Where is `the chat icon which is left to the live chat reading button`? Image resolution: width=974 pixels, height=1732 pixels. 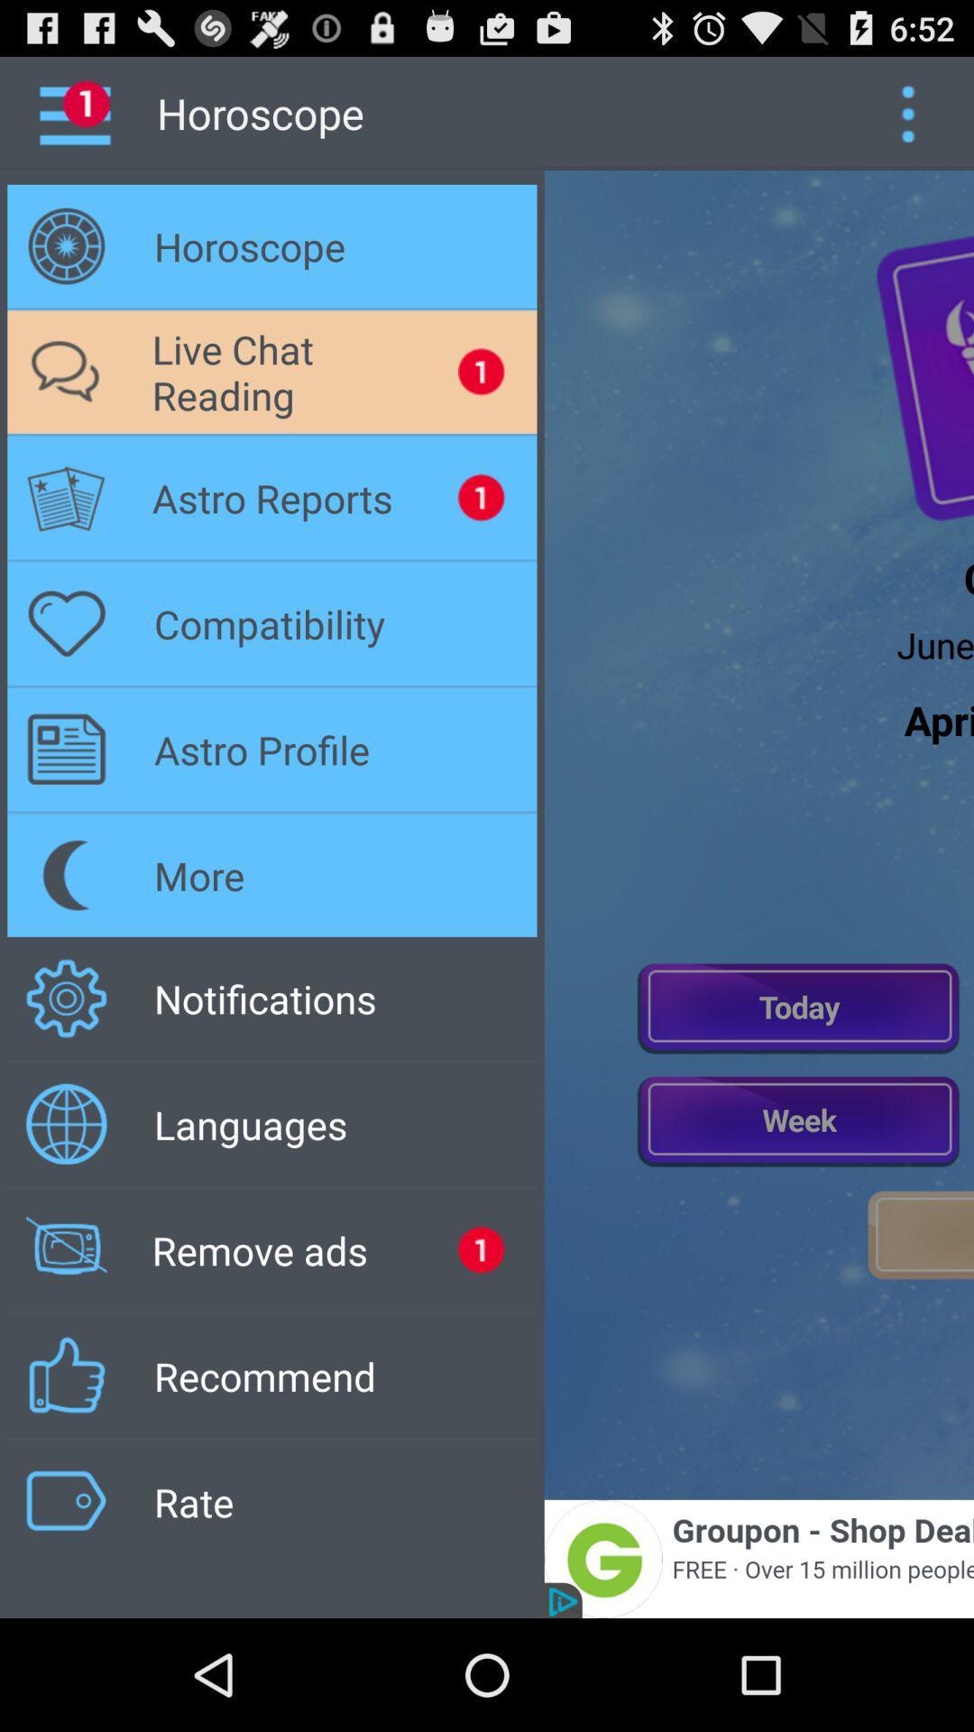
the chat icon which is left to the live chat reading button is located at coordinates (65, 371).